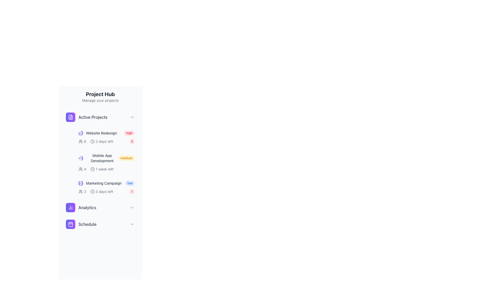  I want to click on the label of the Navigation item for viewing or managing active projects located in the left-hand sidebar under 'Project Hub', so click(87, 117).